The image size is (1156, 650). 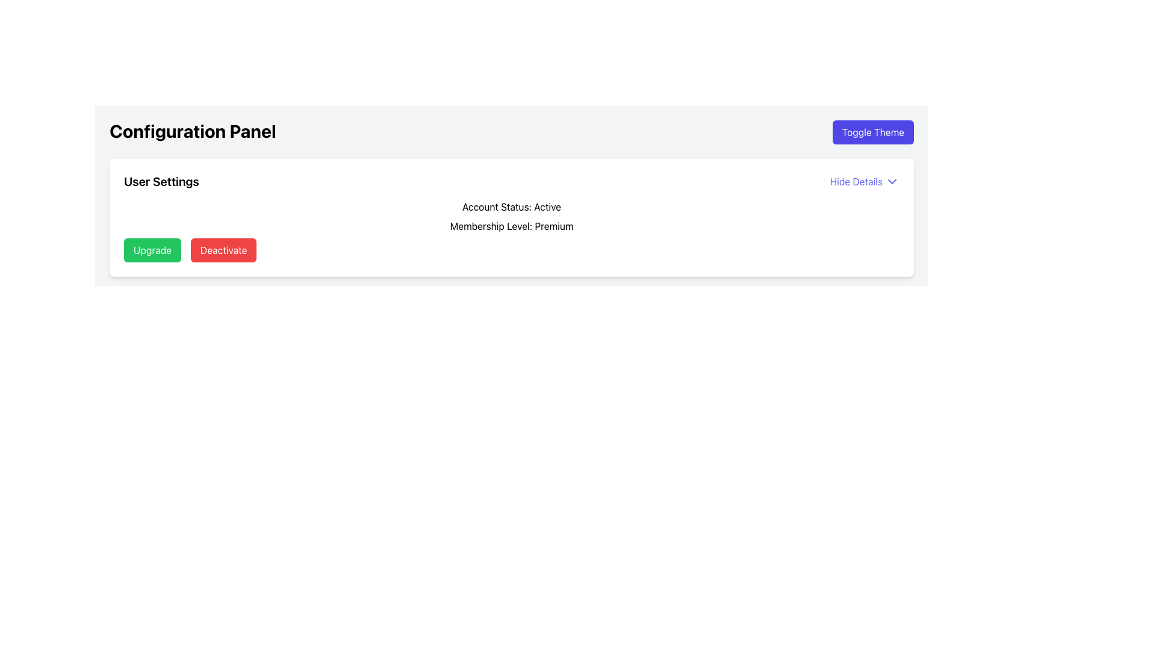 I want to click on the deactivation button located in the bottom-left section of the user interface, within the 'User Settings' panel, so click(x=223, y=250).